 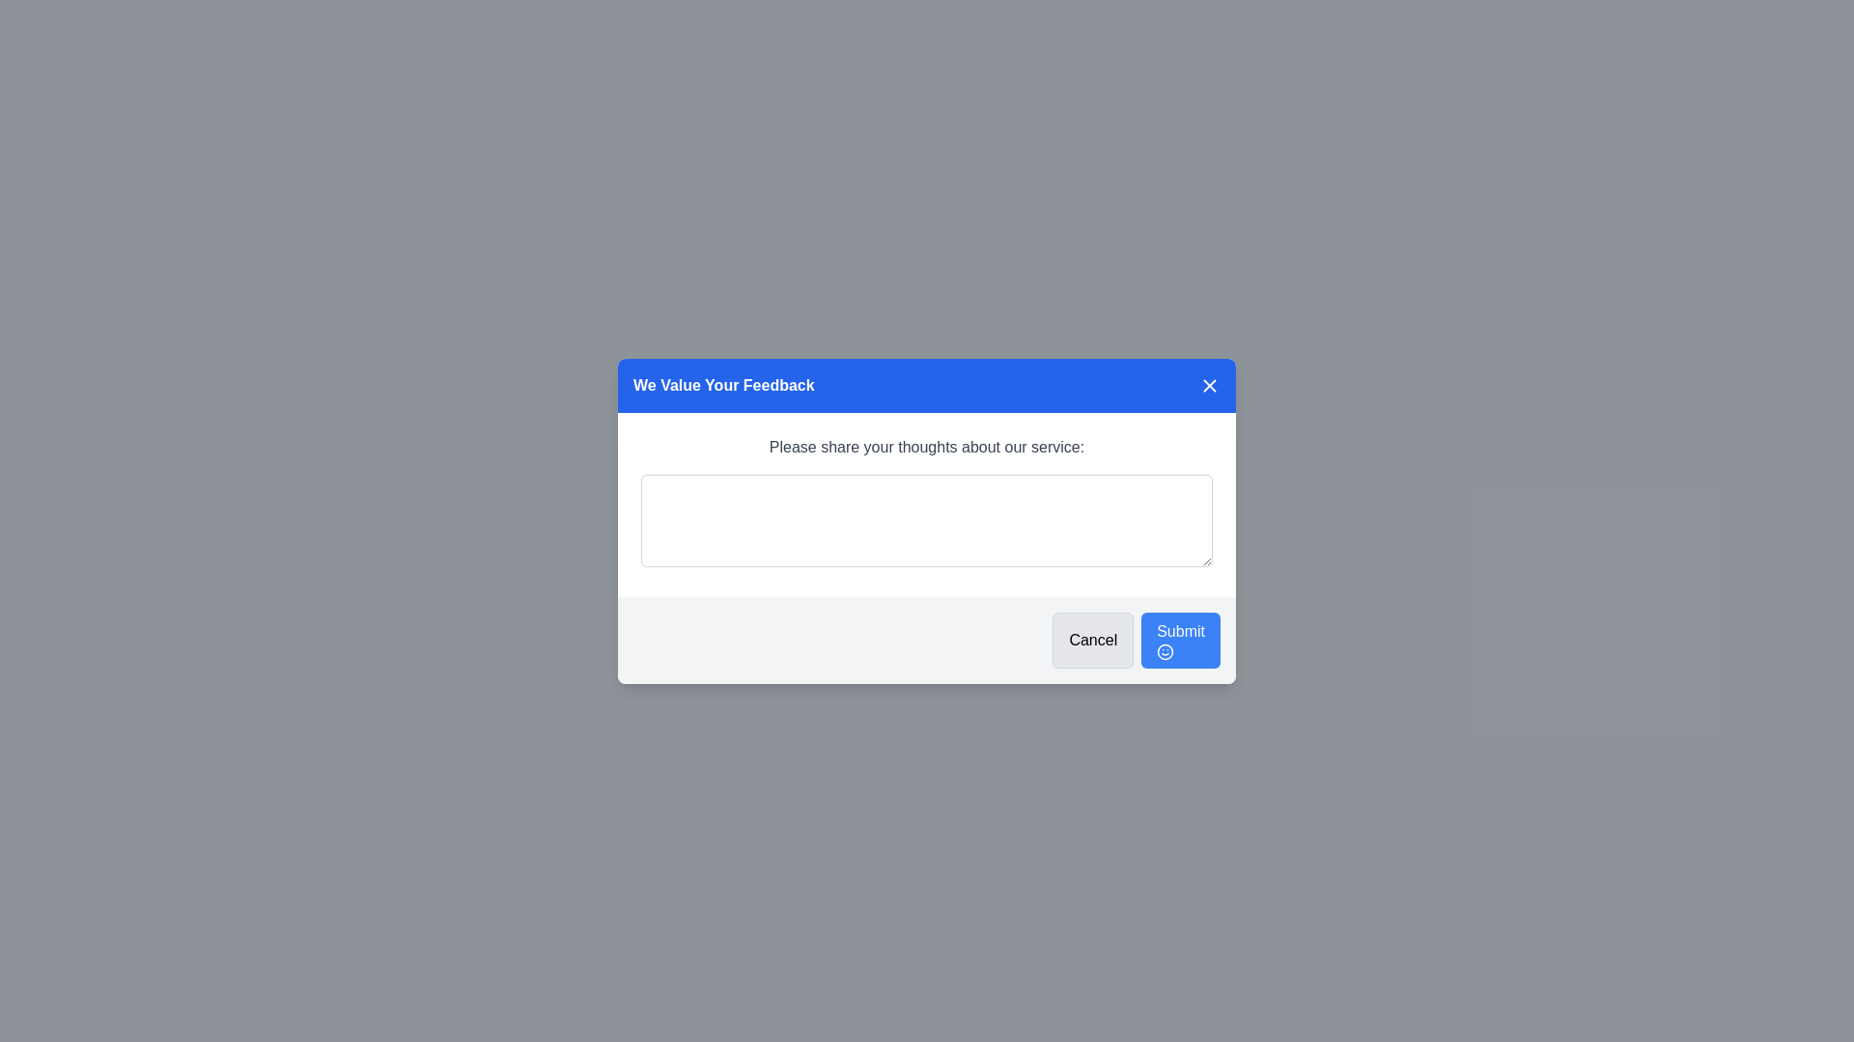 I want to click on static text label that says 'Please share your thoughts about our service:' which is displayed in gray color above the text input box in the modal dialog, so click(x=927, y=447).